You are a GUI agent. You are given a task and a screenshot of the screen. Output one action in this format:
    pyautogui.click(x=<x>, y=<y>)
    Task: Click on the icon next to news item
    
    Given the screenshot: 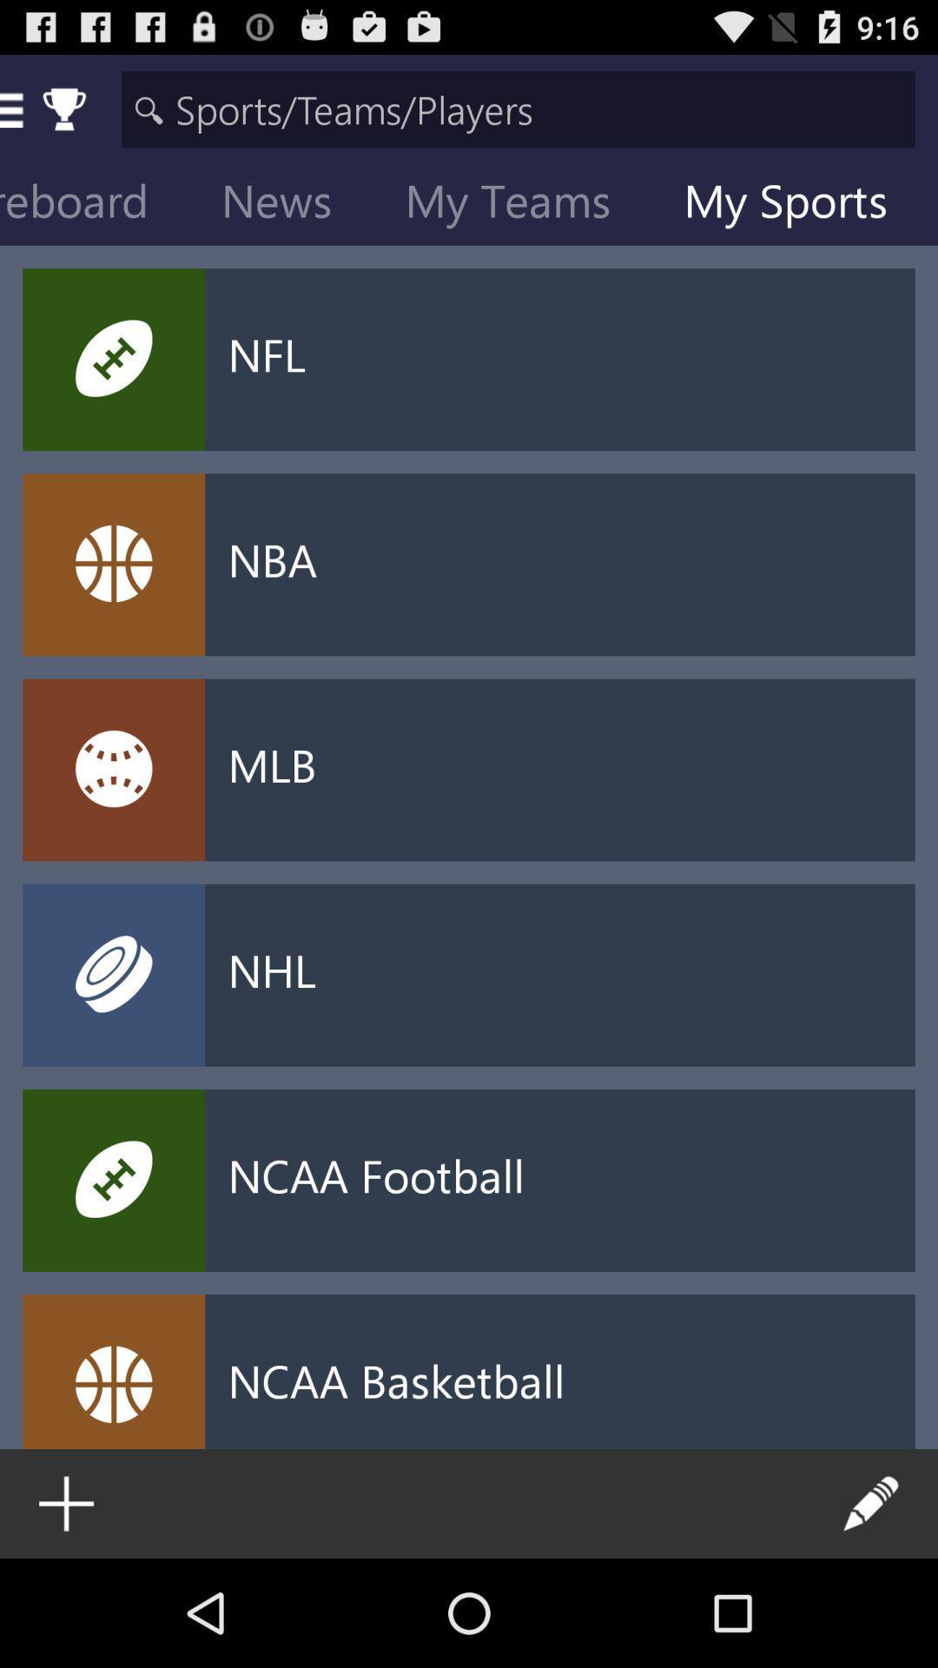 What is the action you would take?
    pyautogui.click(x=520, y=204)
    